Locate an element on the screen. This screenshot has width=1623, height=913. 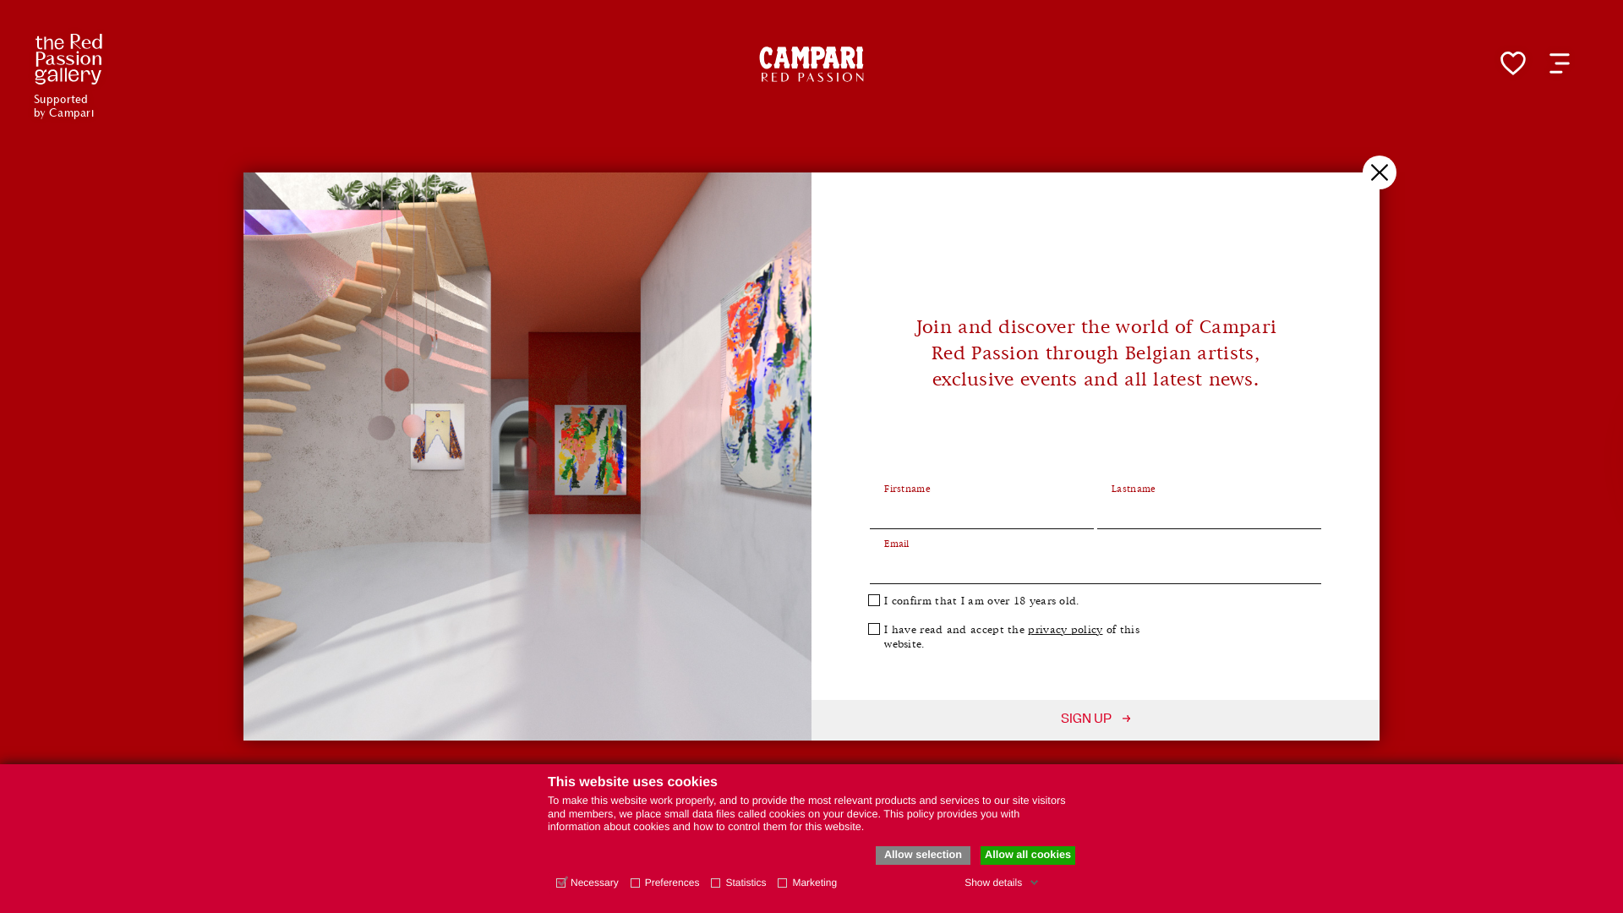
'Open menu' is located at coordinates (1558, 62).